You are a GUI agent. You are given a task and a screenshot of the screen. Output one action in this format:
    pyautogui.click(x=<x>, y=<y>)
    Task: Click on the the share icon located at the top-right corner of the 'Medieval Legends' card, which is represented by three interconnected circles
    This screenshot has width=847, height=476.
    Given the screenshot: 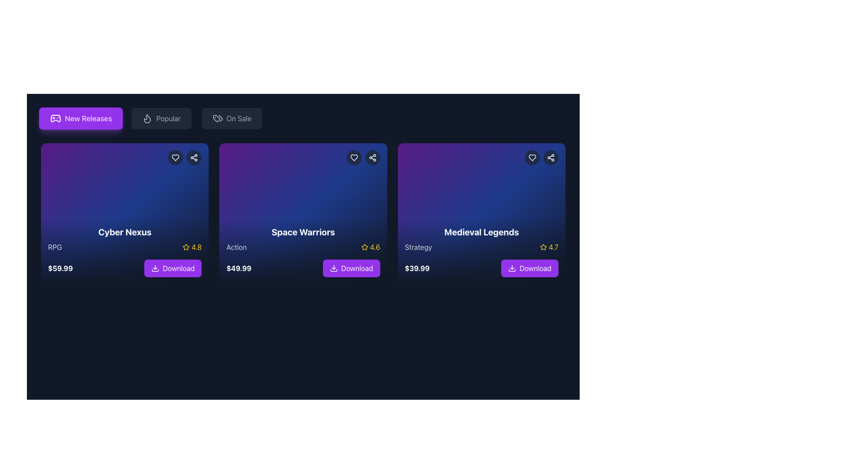 What is the action you would take?
    pyautogui.click(x=550, y=157)
    